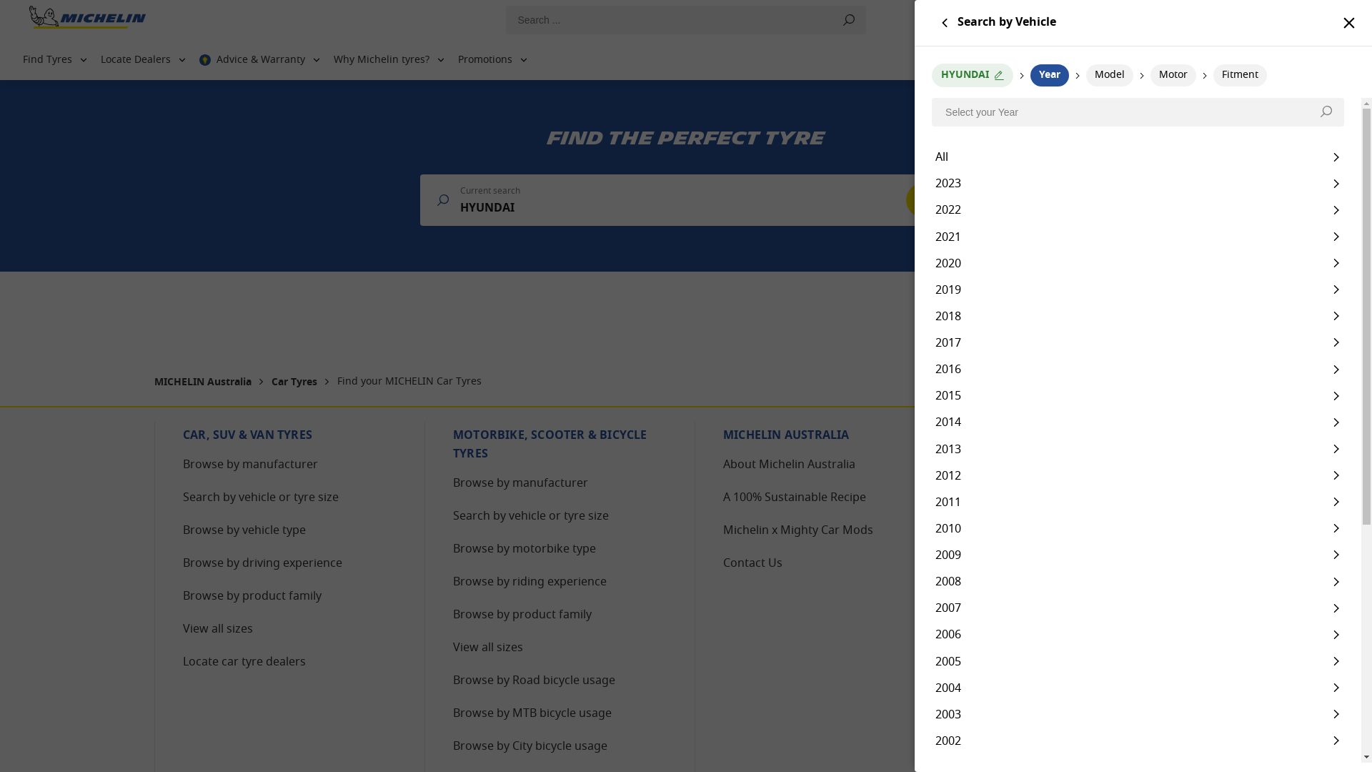  I want to click on '2007', so click(1137, 608).